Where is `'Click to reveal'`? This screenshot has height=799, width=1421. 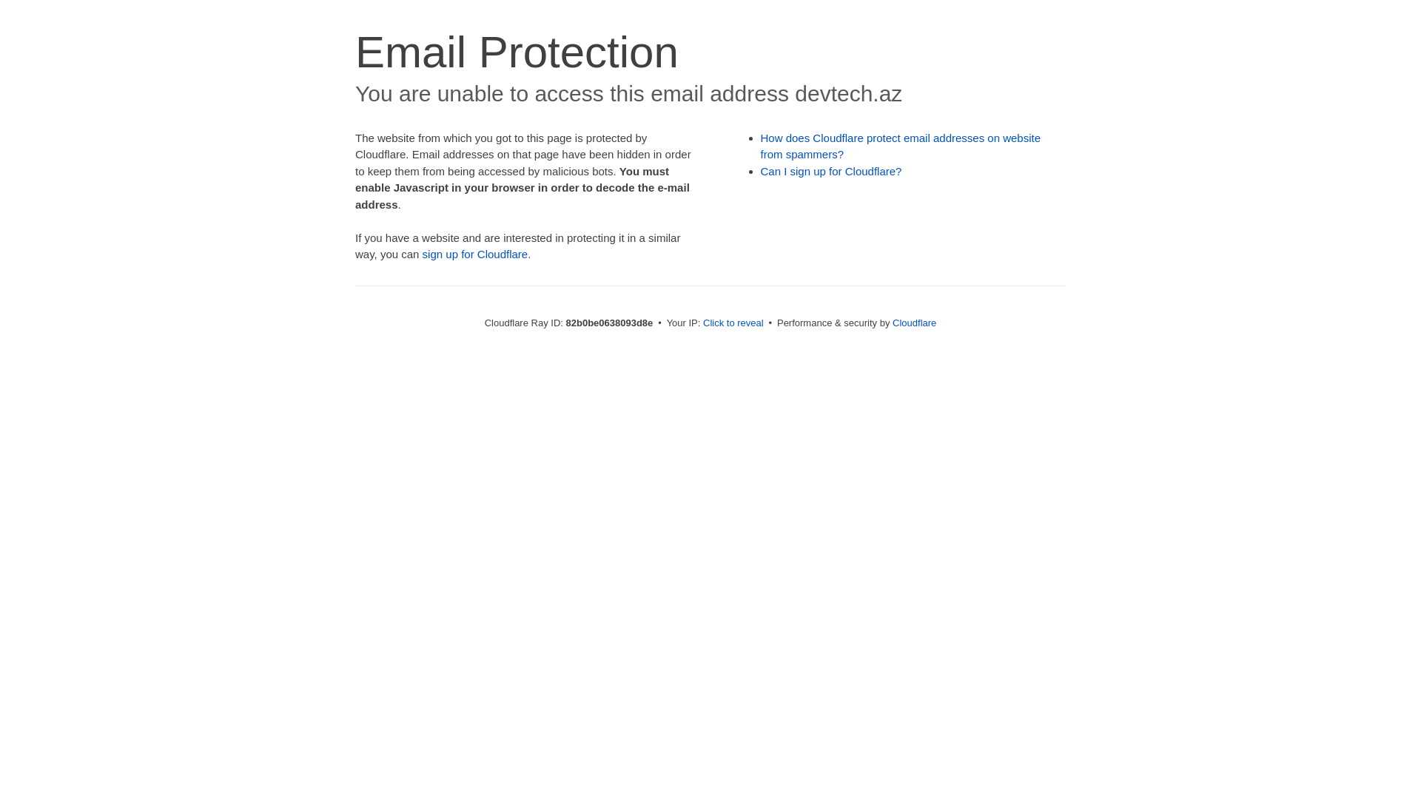
'Click to reveal' is located at coordinates (733, 322).